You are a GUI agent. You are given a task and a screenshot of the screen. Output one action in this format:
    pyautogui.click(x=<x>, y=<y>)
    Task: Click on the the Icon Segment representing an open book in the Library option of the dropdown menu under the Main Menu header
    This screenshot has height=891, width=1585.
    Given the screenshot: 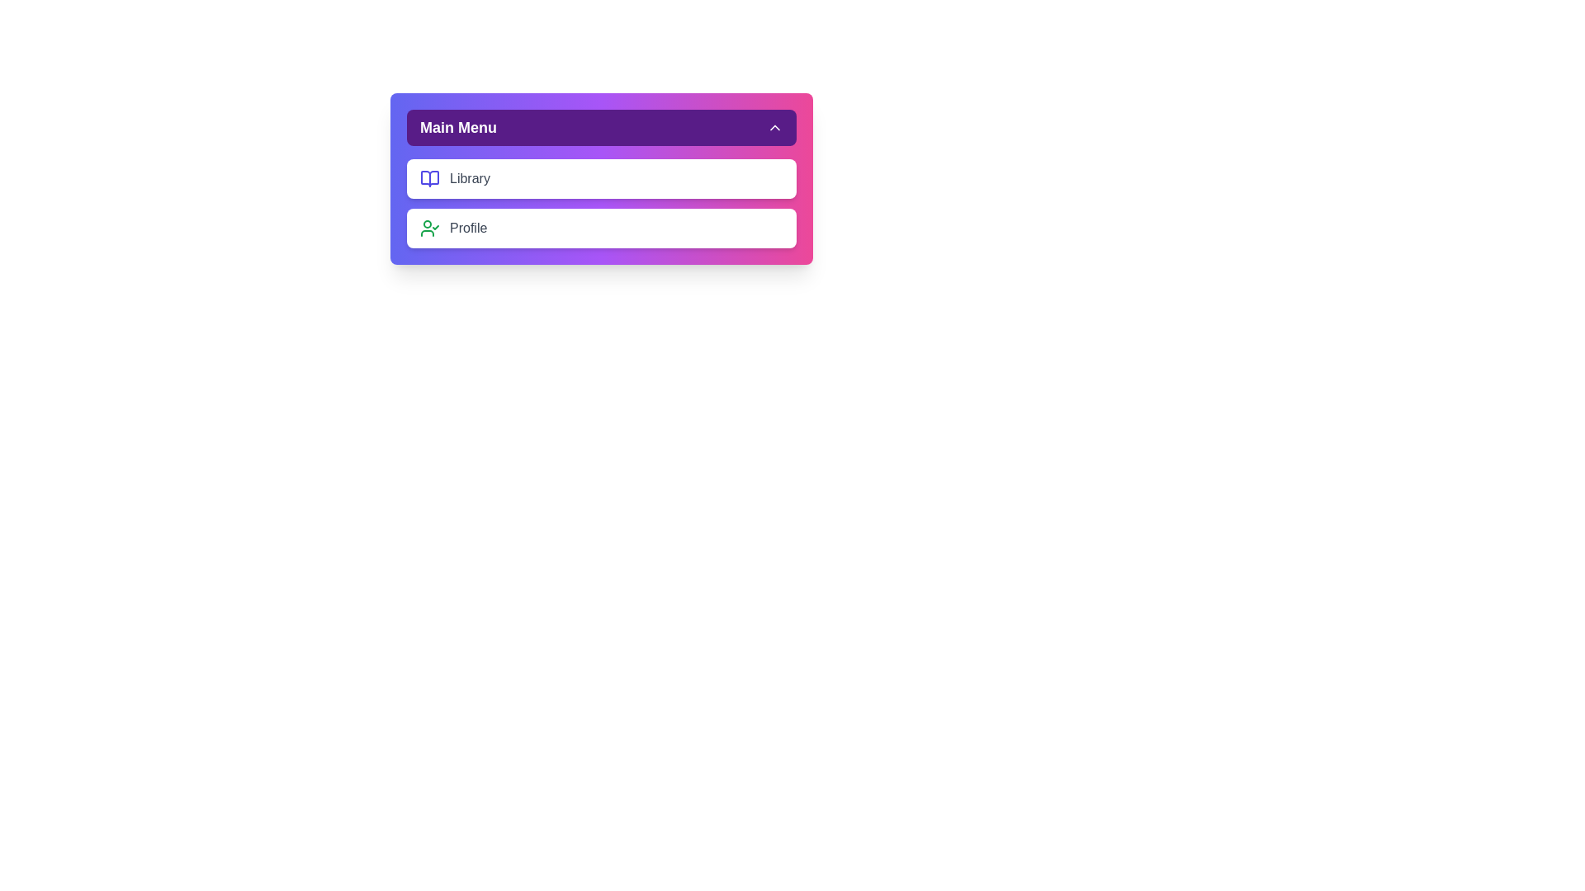 What is the action you would take?
    pyautogui.click(x=430, y=178)
    